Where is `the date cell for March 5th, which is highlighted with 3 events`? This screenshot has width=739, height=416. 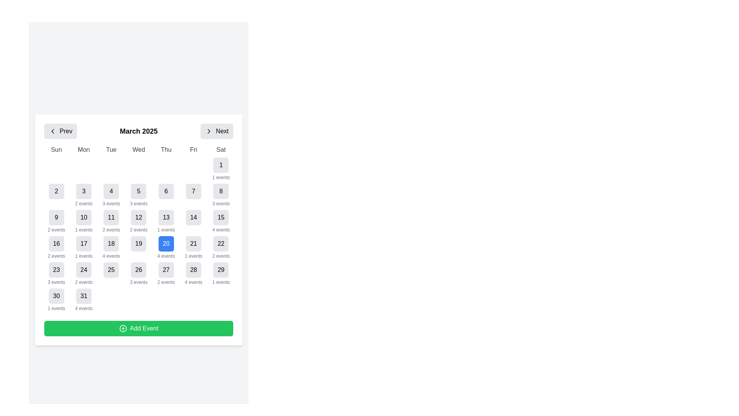
the date cell for March 5th, which is highlighted with 3 events is located at coordinates (139, 195).